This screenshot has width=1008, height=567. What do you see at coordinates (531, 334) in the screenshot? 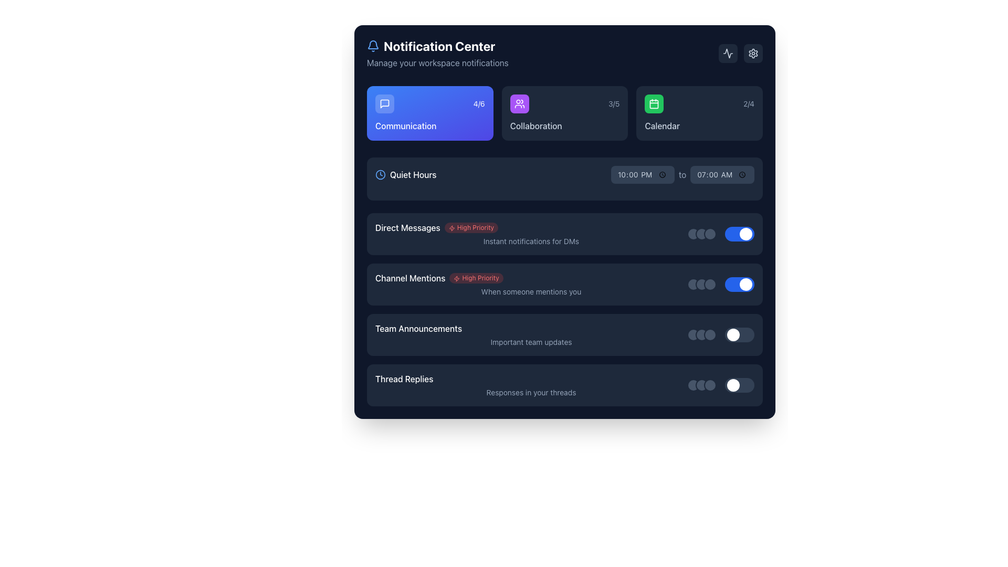
I see `the context of the notifications` at bounding box center [531, 334].